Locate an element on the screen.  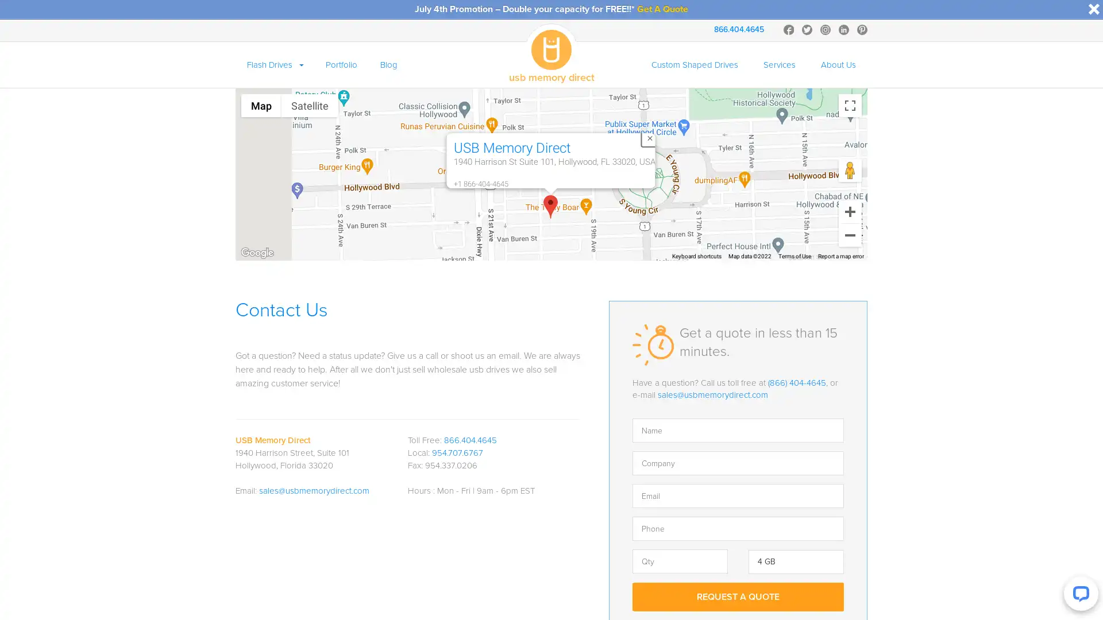
Keyboard shortcuts is located at coordinates (696, 256).